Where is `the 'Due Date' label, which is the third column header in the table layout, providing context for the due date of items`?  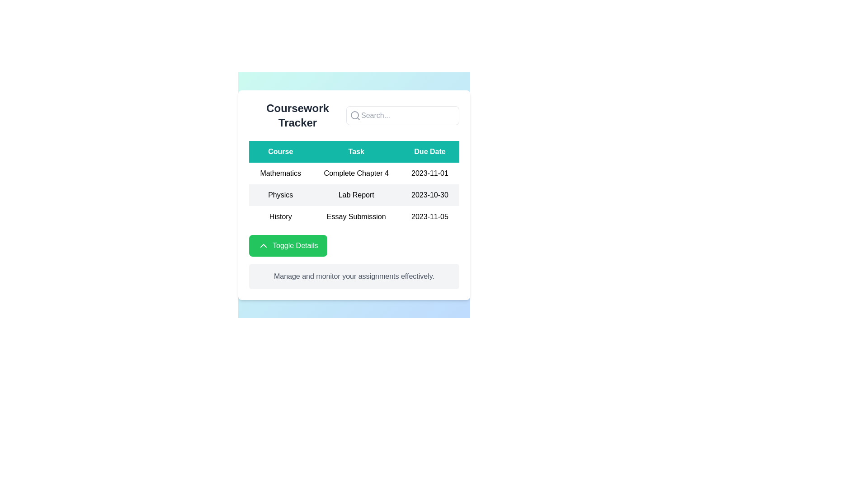 the 'Due Date' label, which is the third column header in the table layout, providing context for the due date of items is located at coordinates (429, 151).